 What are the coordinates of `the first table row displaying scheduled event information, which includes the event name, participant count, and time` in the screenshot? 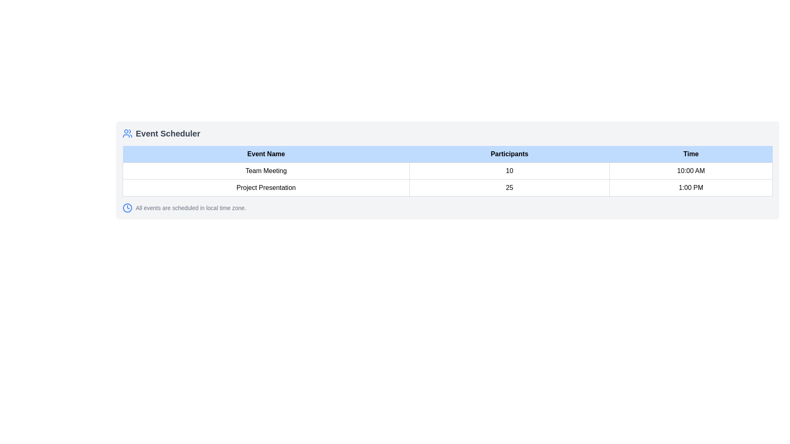 It's located at (447, 179).